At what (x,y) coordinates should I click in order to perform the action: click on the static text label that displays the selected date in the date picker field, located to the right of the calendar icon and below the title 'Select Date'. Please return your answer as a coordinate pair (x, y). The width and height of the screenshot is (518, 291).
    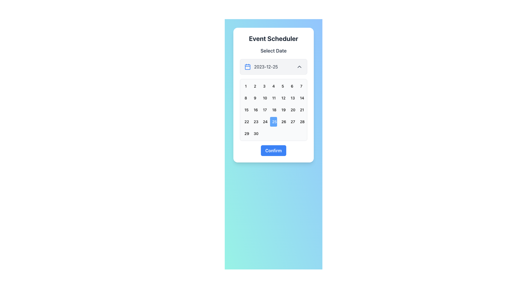
    Looking at the image, I should click on (266, 66).